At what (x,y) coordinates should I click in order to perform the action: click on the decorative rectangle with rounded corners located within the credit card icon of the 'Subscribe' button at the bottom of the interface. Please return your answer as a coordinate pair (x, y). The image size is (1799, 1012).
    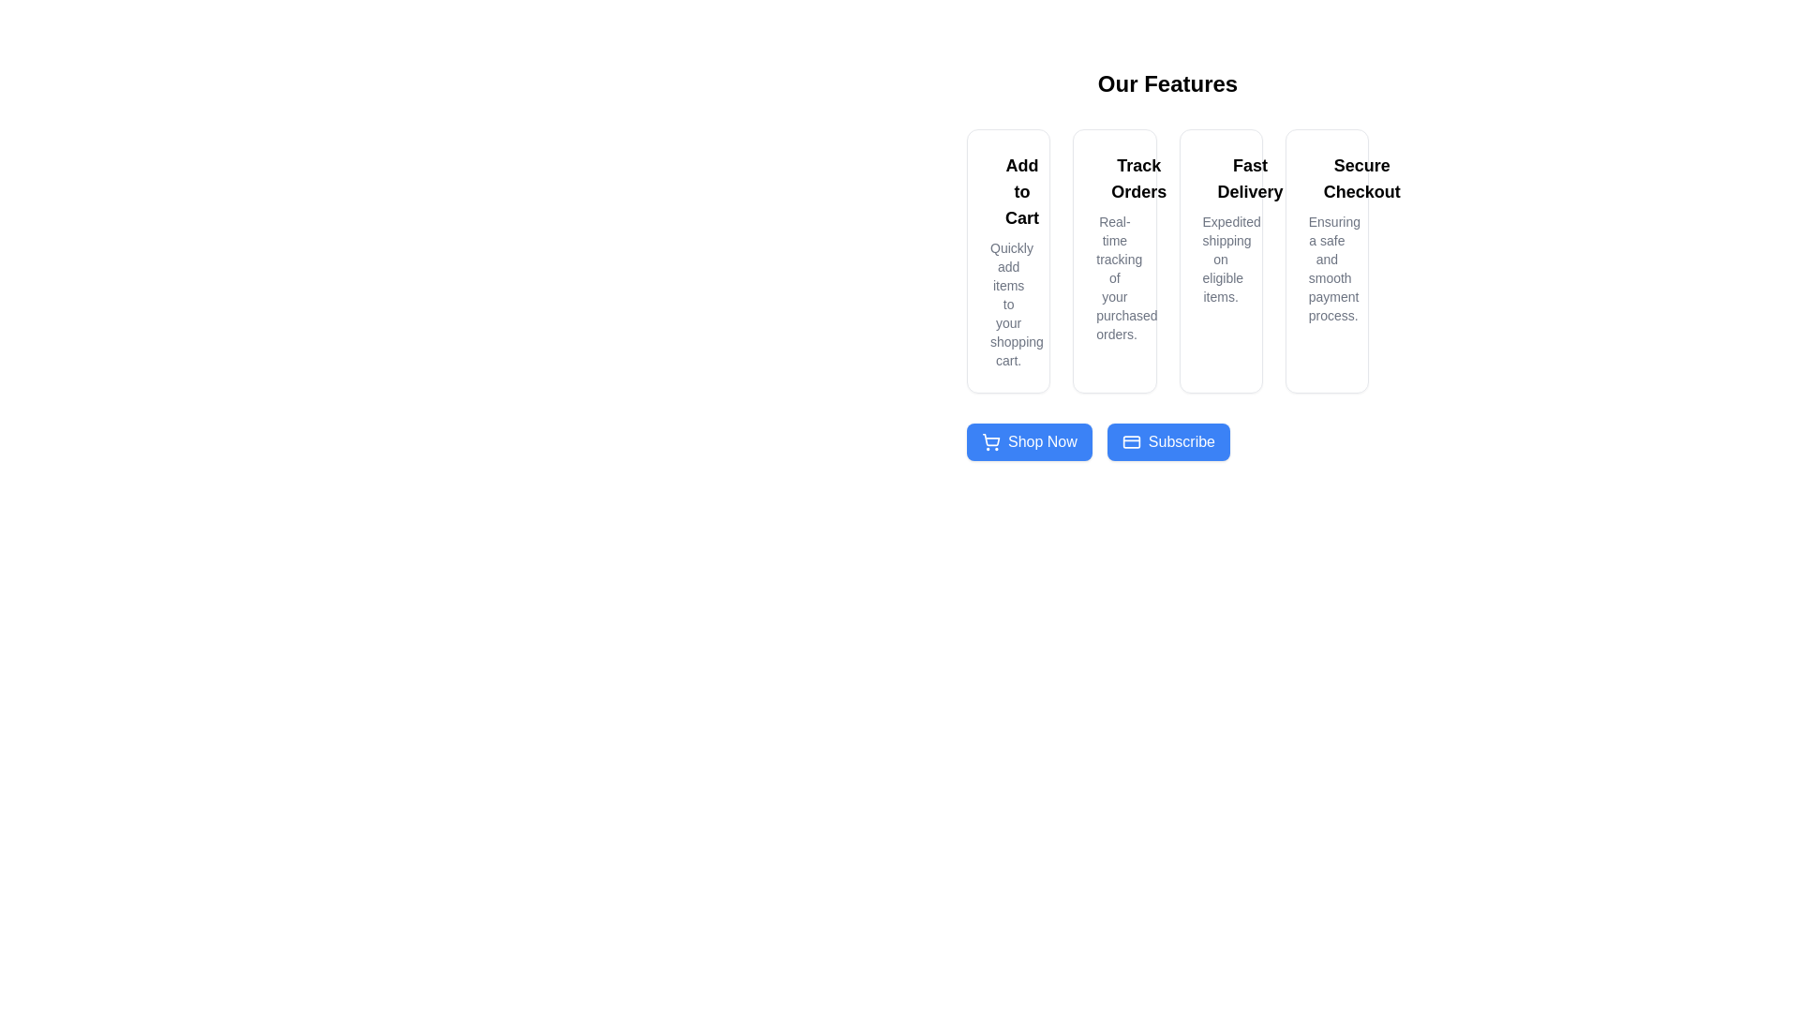
    Looking at the image, I should click on (1130, 441).